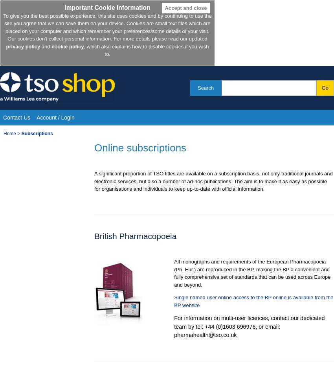 Image resolution: width=334 pixels, height=370 pixels. Describe the element at coordinates (16, 117) in the screenshot. I see `'Contact Us'` at that location.